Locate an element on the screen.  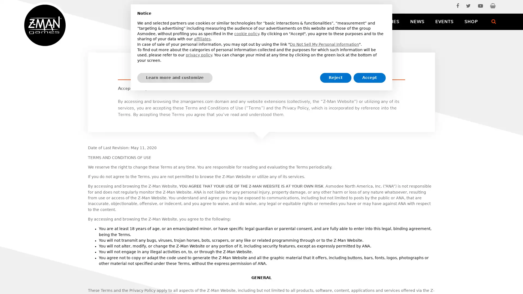
Reject is located at coordinates (335, 78).